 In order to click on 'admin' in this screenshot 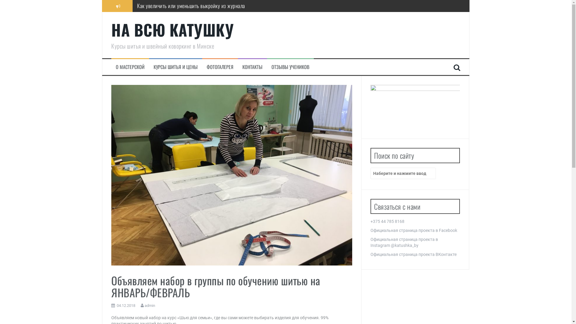, I will do `click(150, 305)`.